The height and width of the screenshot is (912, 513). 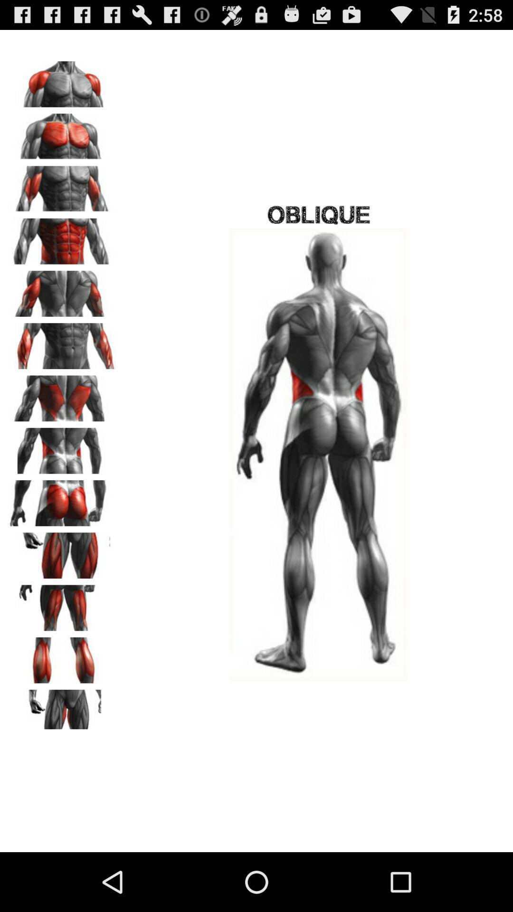 What do you see at coordinates (62, 395) in the screenshot?
I see `body part back` at bounding box center [62, 395].